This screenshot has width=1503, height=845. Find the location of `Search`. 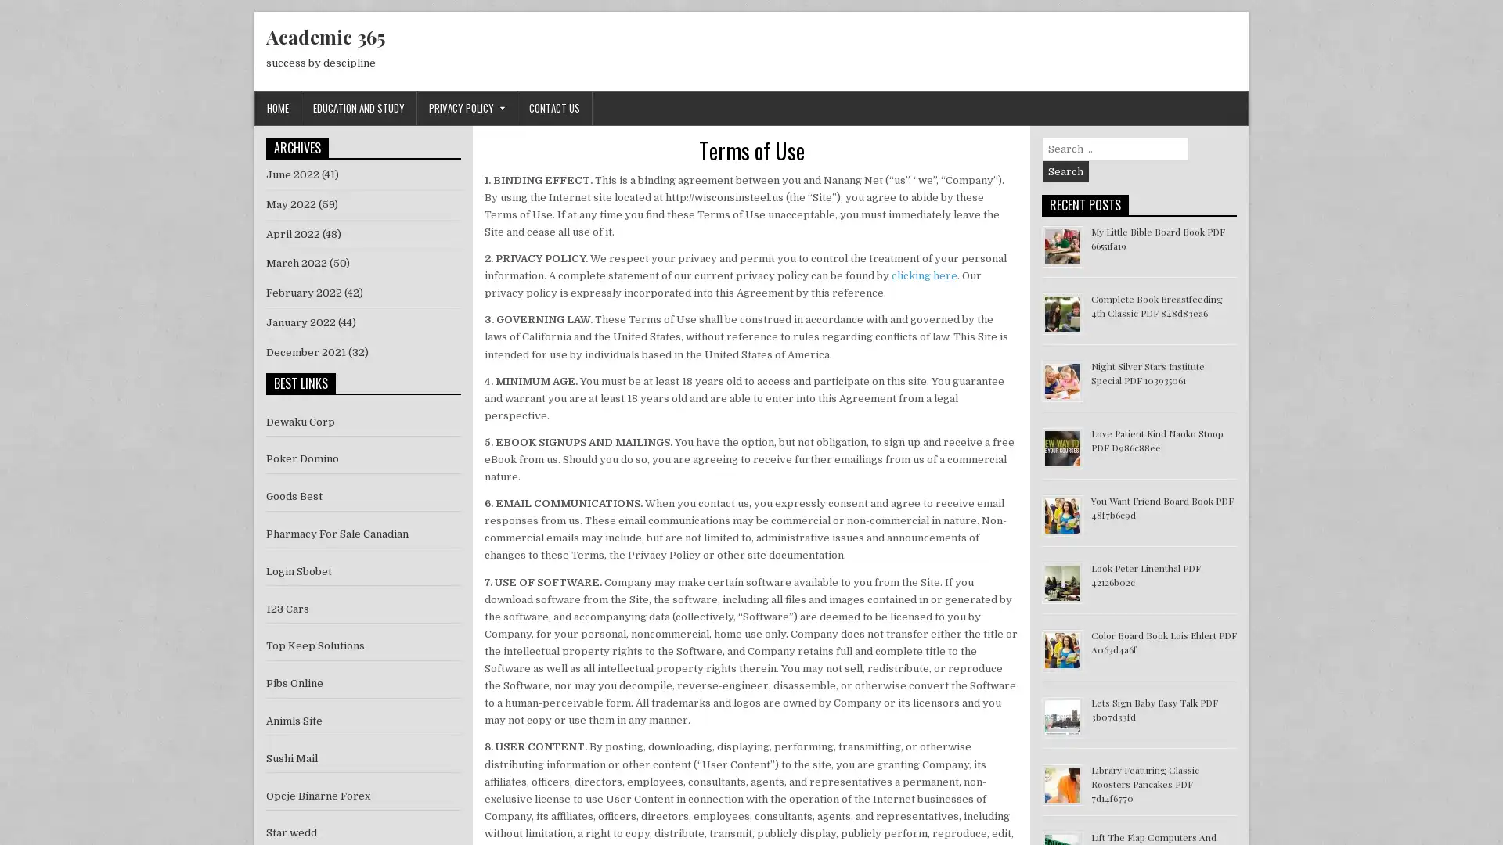

Search is located at coordinates (1065, 171).